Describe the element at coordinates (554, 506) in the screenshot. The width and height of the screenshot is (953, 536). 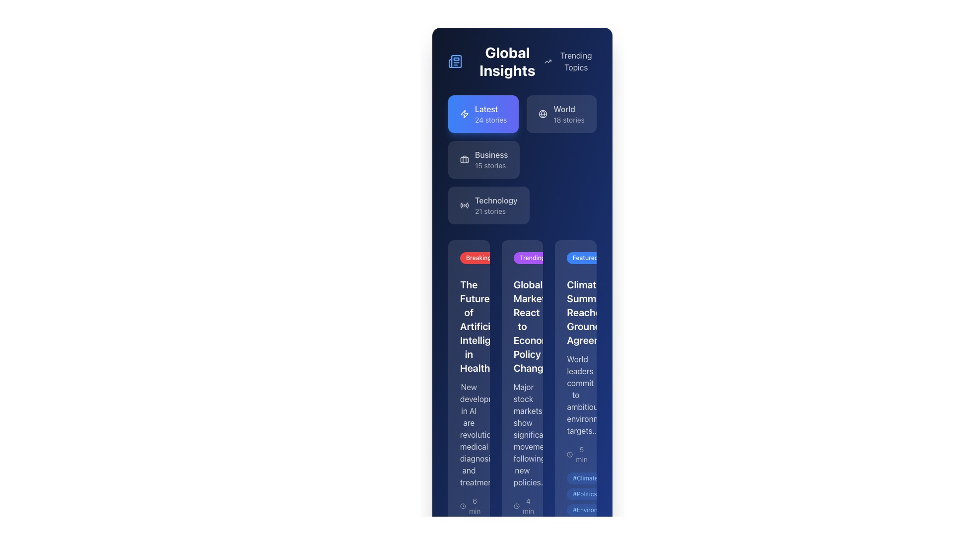
I see `the Information Cluster element located near the bottom of the second column` at that location.